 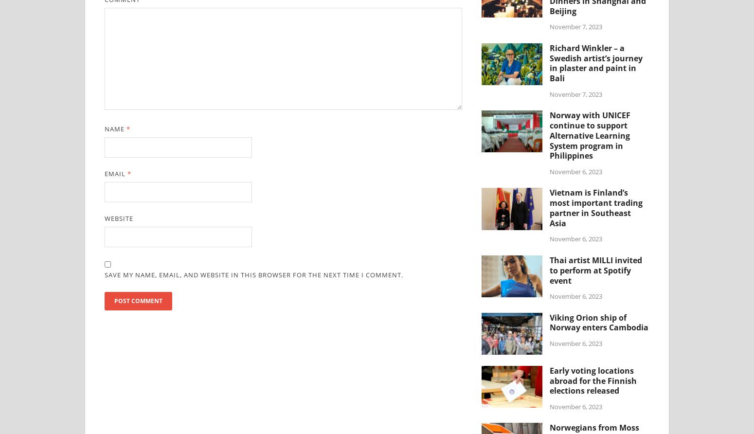 What do you see at coordinates (596, 62) in the screenshot?
I see `'Richard Winkler – a Swedish artist’s journey in plaster and paint in Bali'` at bounding box center [596, 62].